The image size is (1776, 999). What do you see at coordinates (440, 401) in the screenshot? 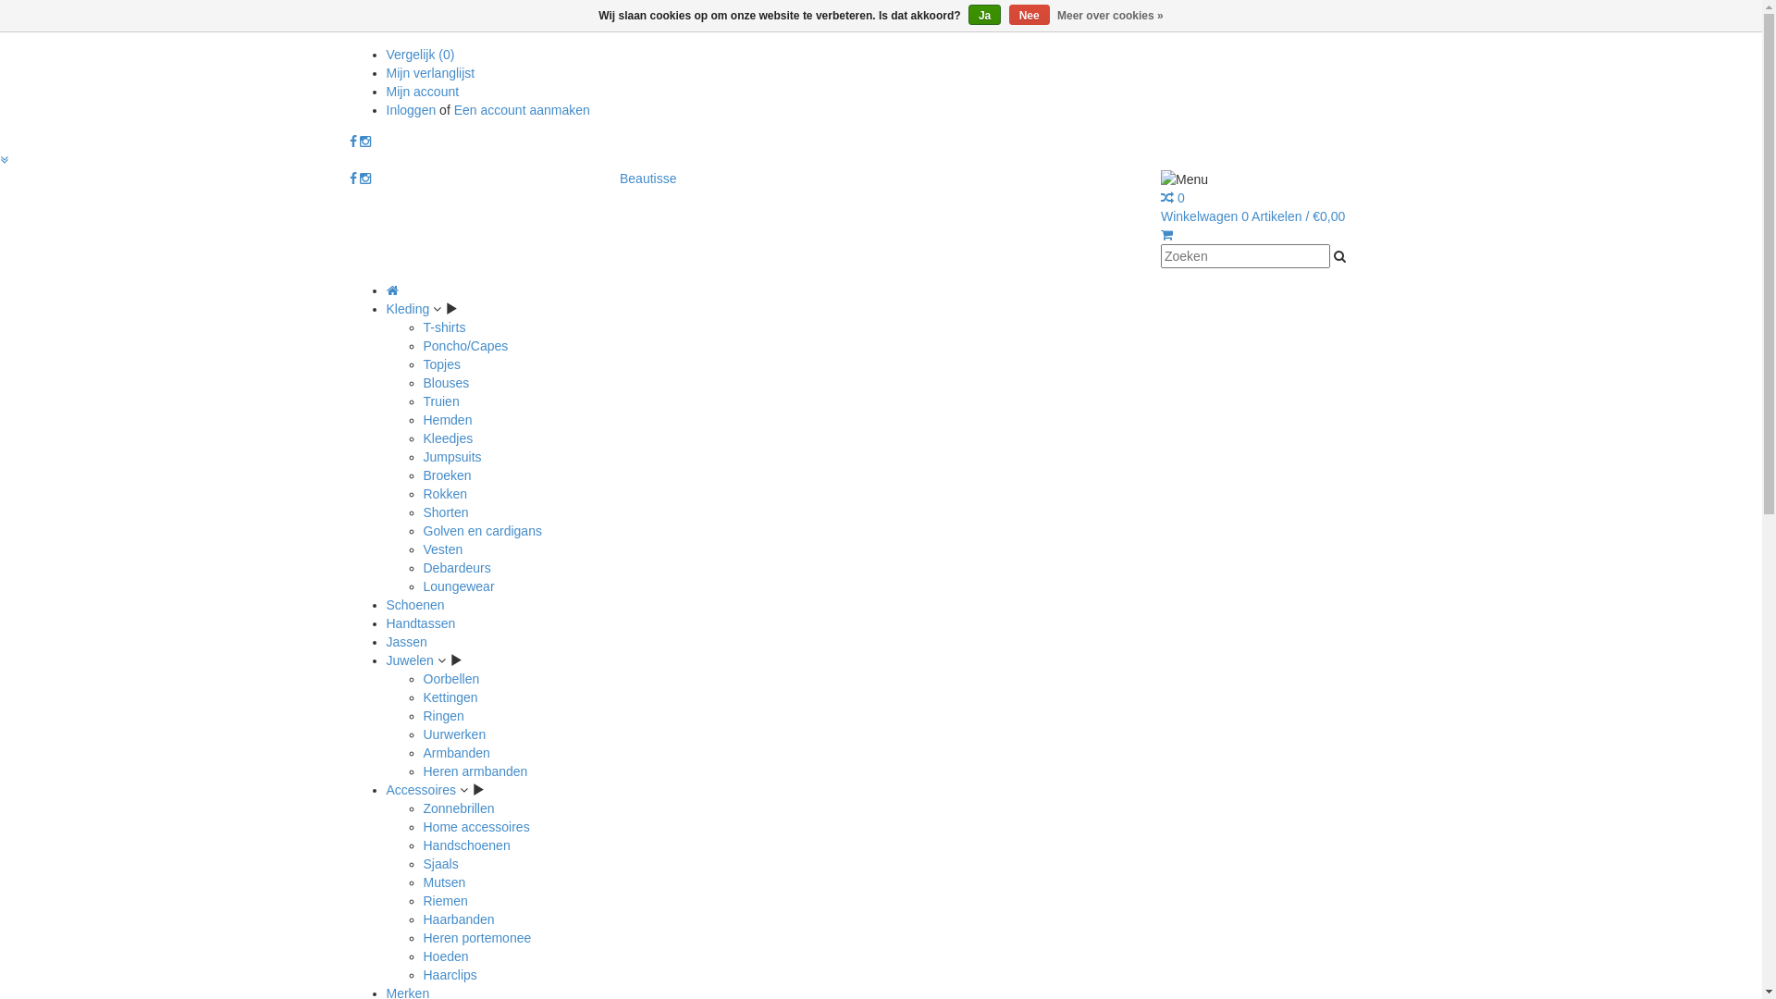
I see `'Truien'` at bounding box center [440, 401].